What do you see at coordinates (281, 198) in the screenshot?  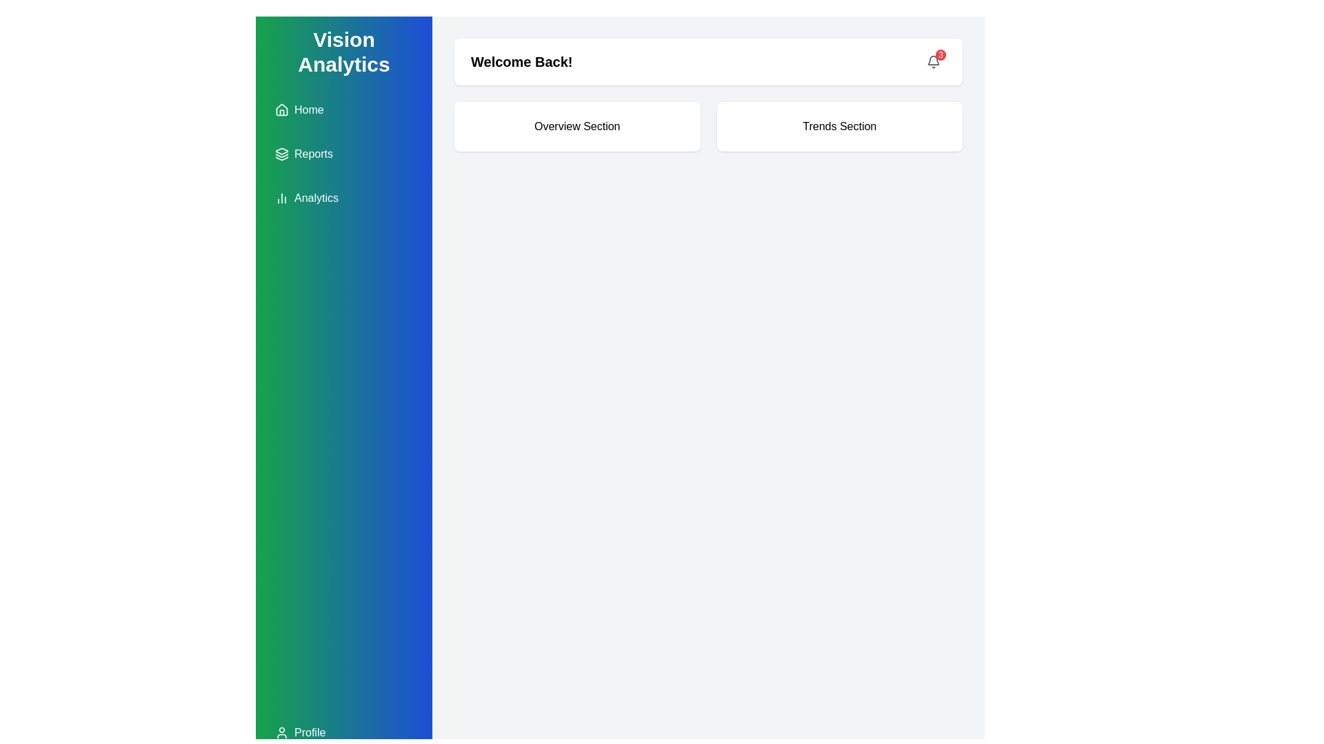 I see `the 'Analytics' icon in the vertical navigation panel` at bounding box center [281, 198].